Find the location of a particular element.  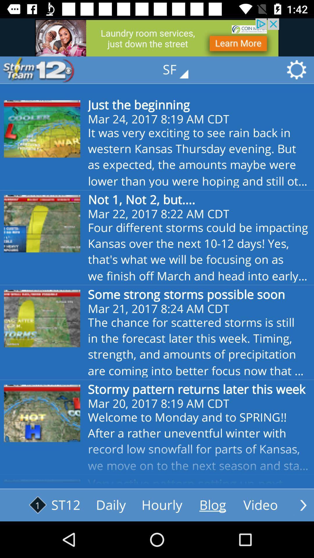

the arrow_forward icon is located at coordinates (303, 505).